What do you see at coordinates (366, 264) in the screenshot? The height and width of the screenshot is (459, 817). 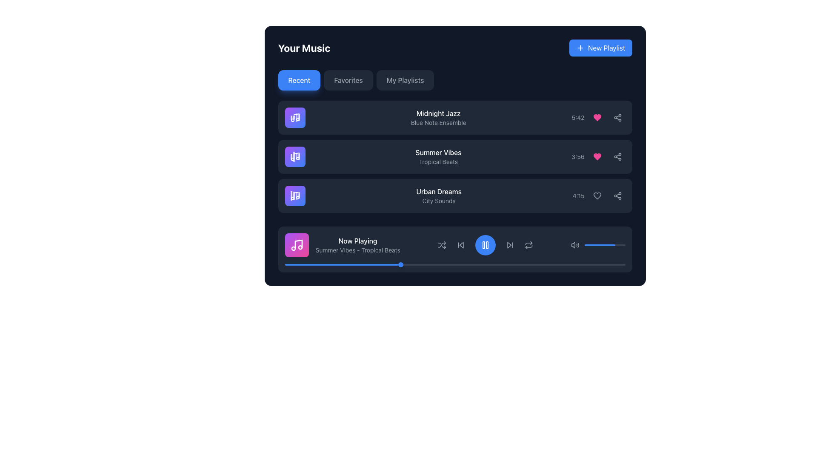 I see `progress` at bounding box center [366, 264].